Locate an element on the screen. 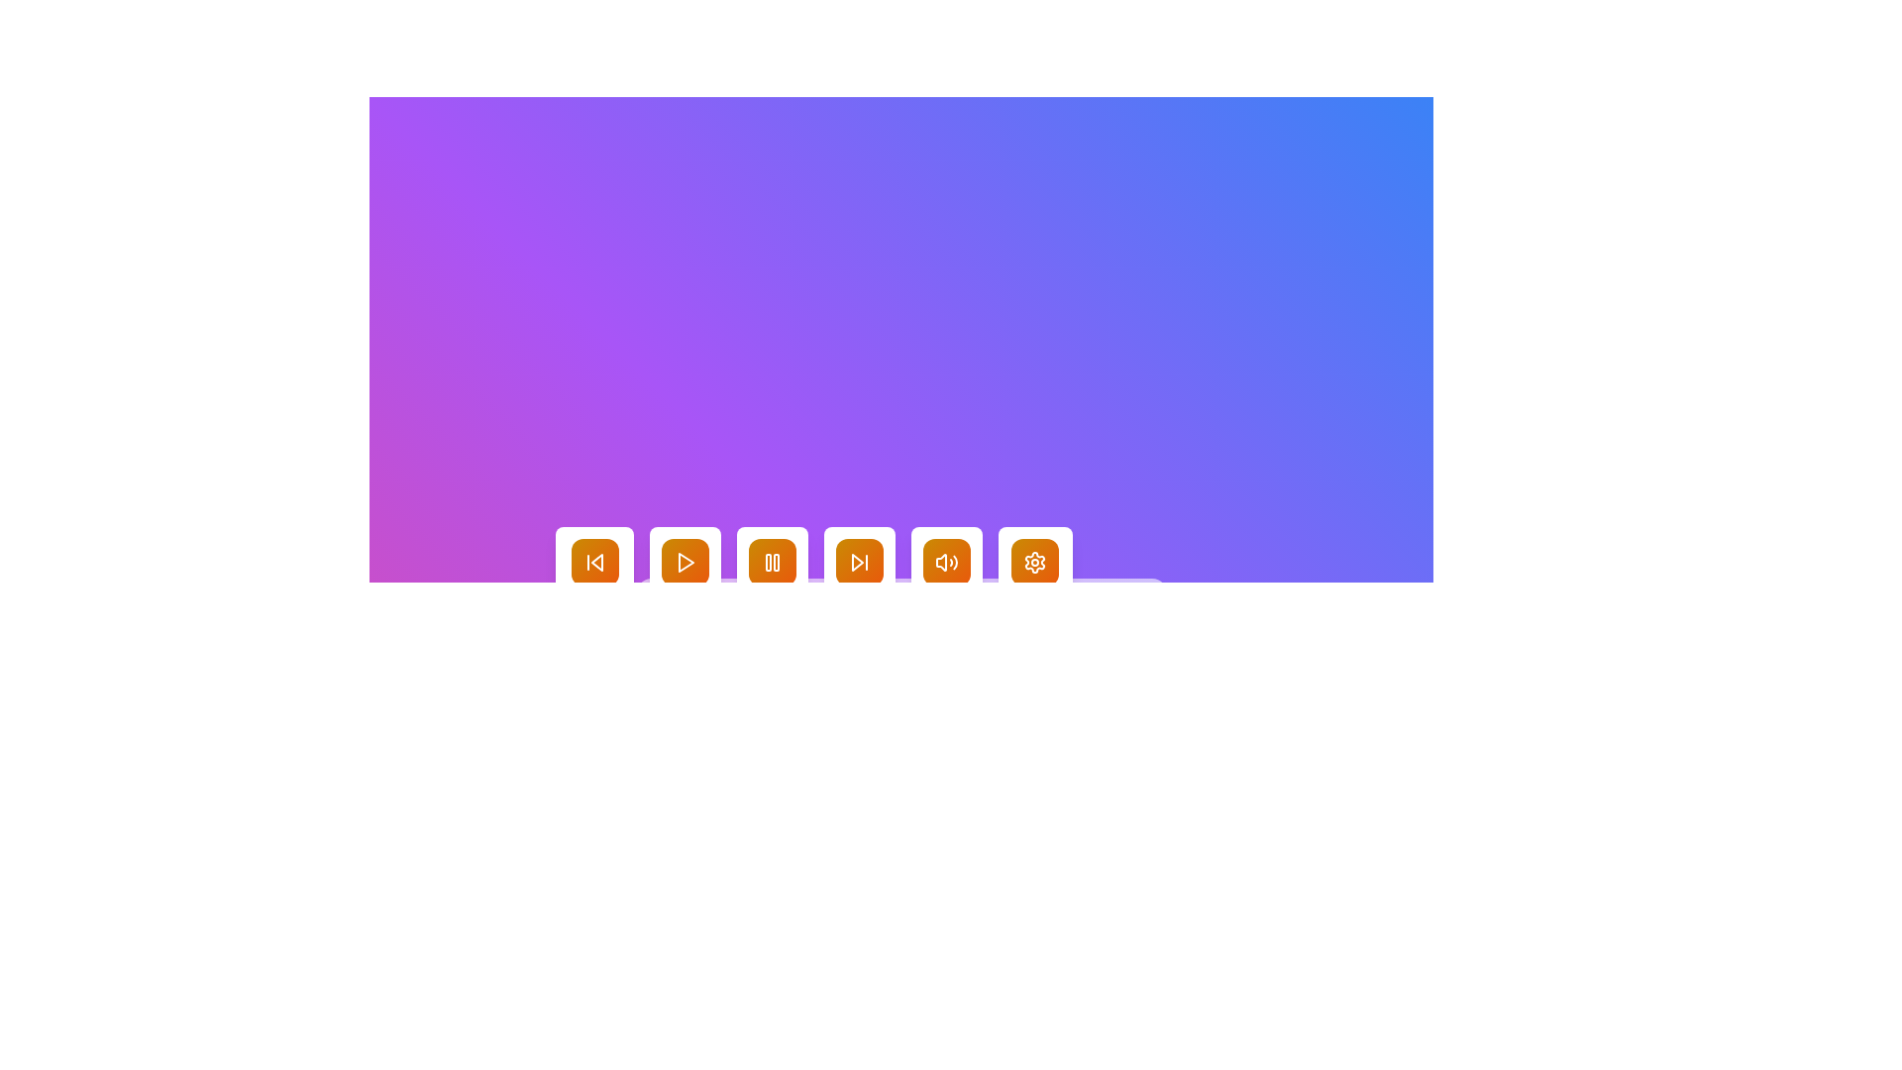 This screenshot has width=1902, height=1070. the third button from the left in the central portion of the button set is located at coordinates (771, 562).